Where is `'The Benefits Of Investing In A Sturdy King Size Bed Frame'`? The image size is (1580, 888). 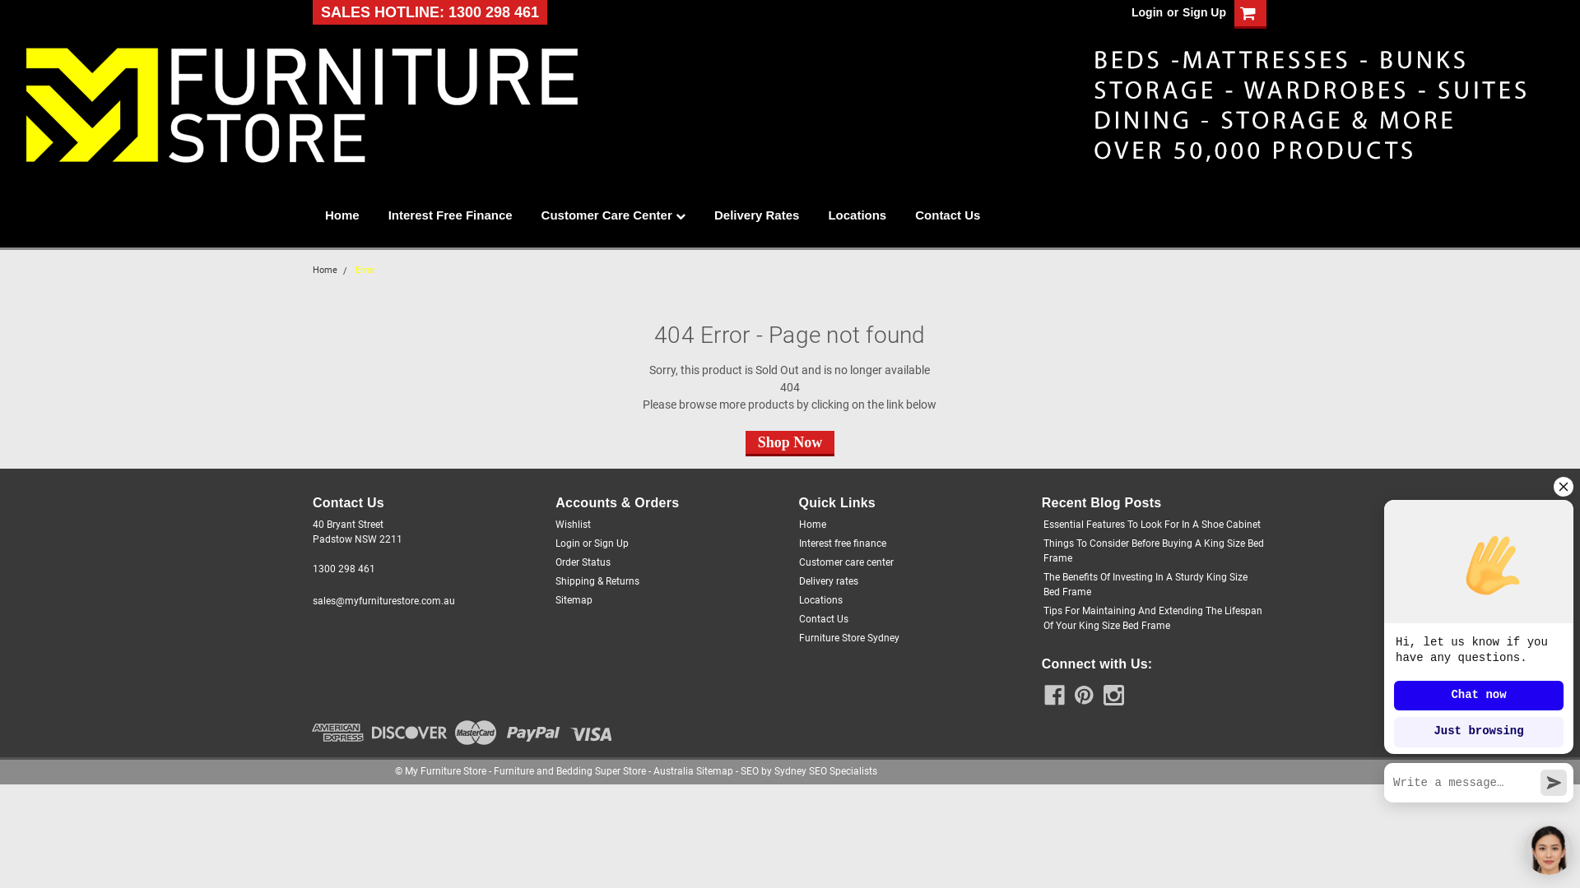 'The Benefits Of Investing In A Sturdy King Size Bed Frame' is located at coordinates (1153, 583).